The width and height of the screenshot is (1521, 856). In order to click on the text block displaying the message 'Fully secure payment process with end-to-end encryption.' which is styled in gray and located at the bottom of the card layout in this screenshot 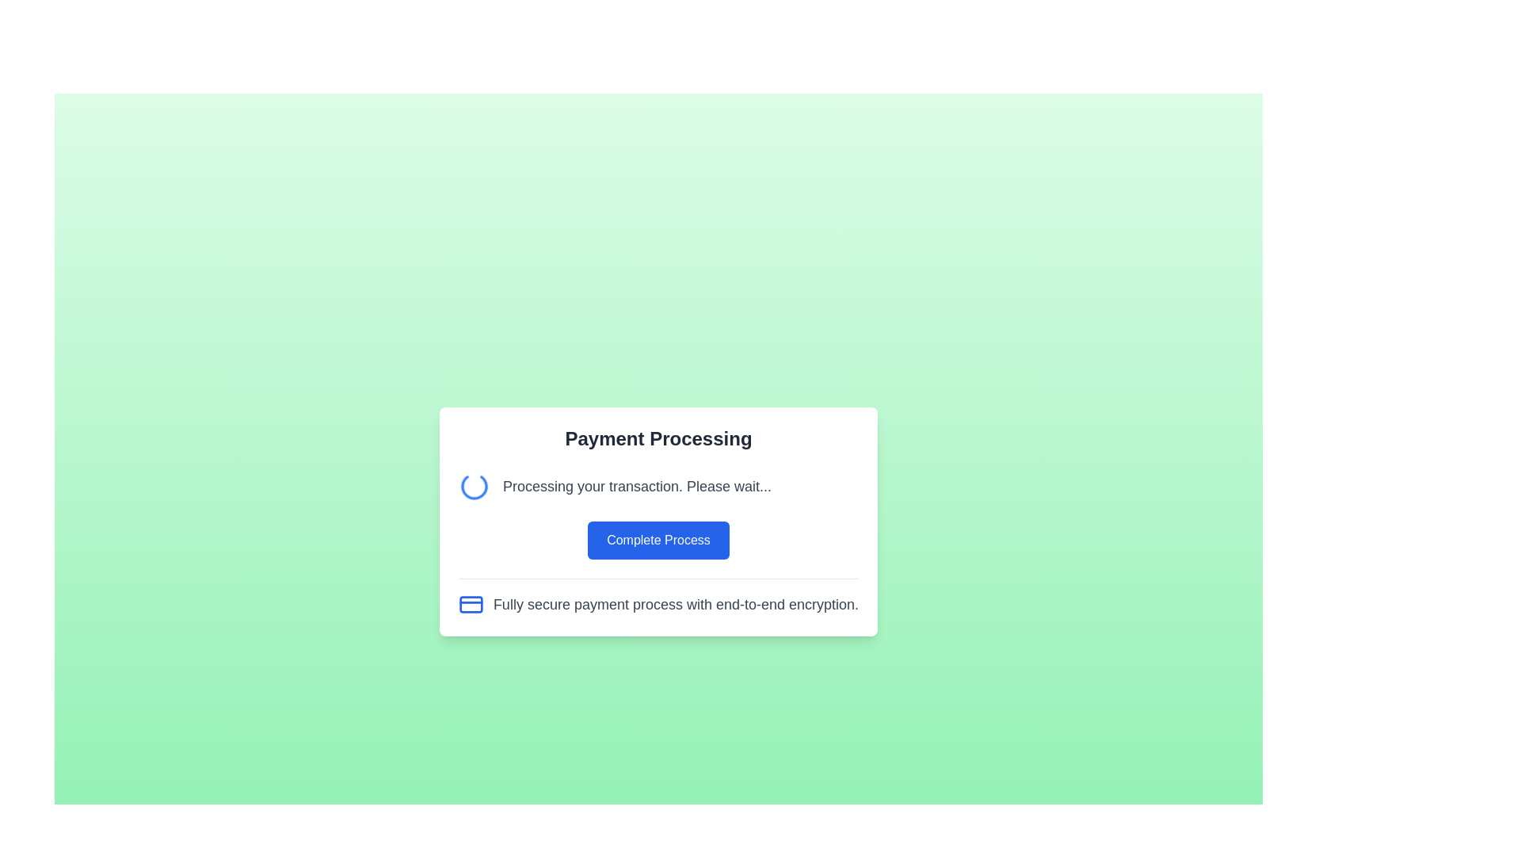, I will do `click(676, 604)`.